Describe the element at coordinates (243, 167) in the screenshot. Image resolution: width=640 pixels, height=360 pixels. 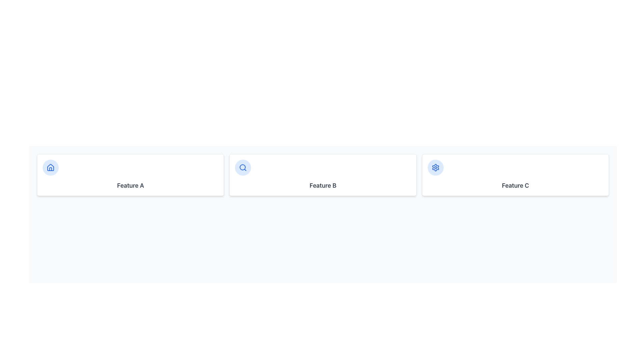
I see `the blue magnifying glass icon located` at that location.